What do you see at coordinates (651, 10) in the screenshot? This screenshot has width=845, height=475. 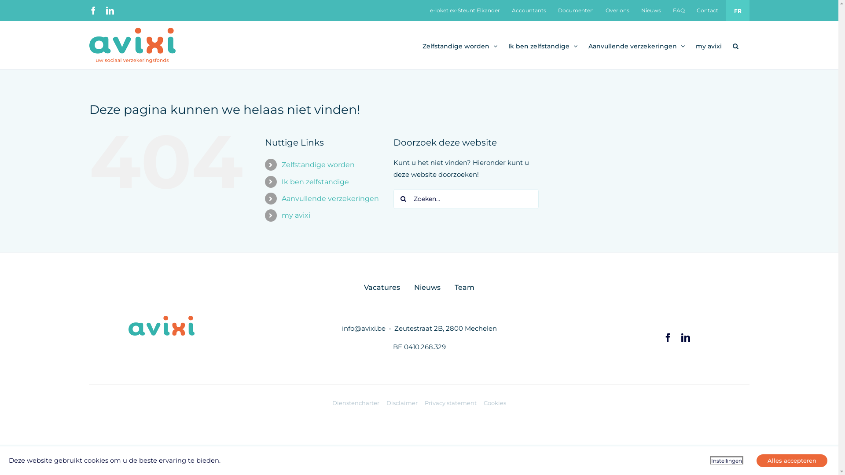 I see `'Nieuws'` at bounding box center [651, 10].